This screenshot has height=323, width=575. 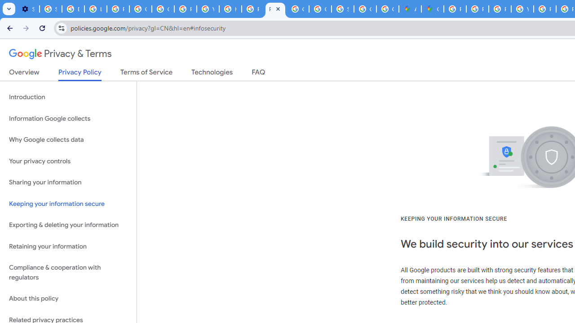 I want to click on 'Privacy Help Center - Policies Help', so click(x=477, y=9).